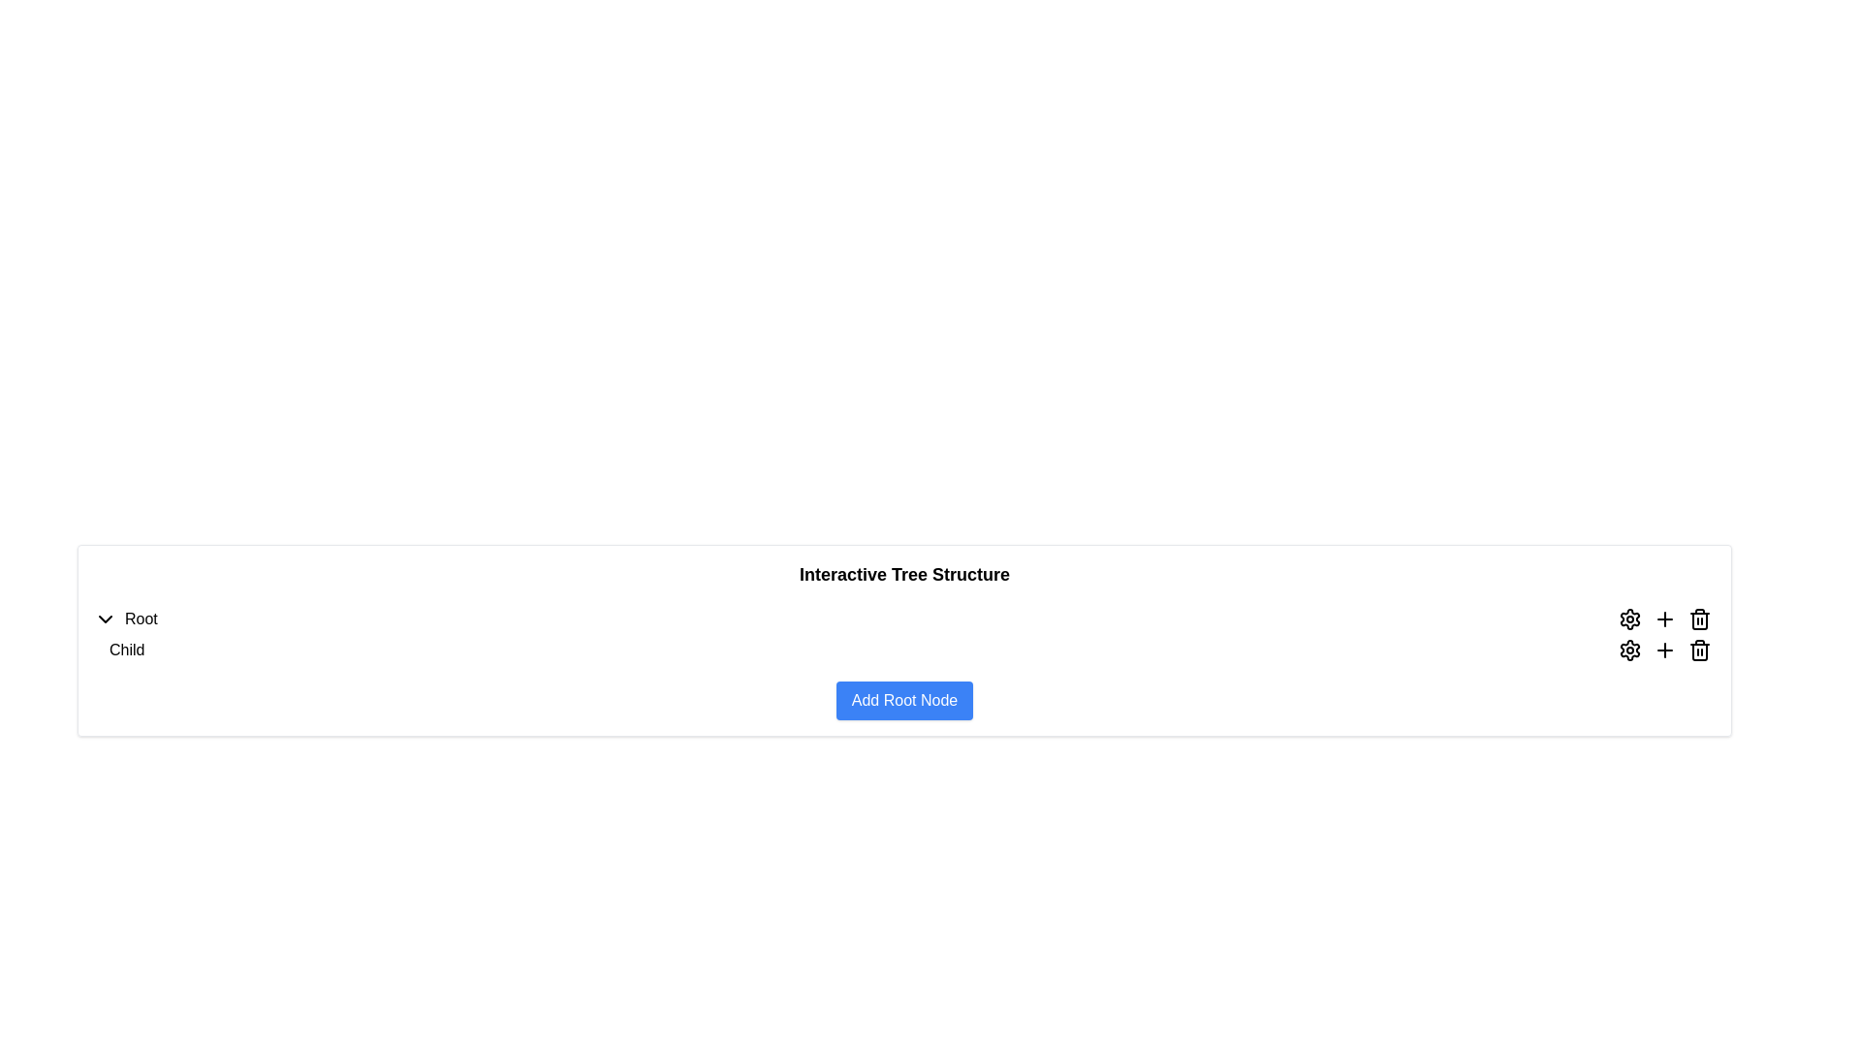 Image resolution: width=1861 pixels, height=1047 pixels. Describe the element at coordinates (1698, 650) in the screenshot. I see `the trash/delete icon located` at that location.